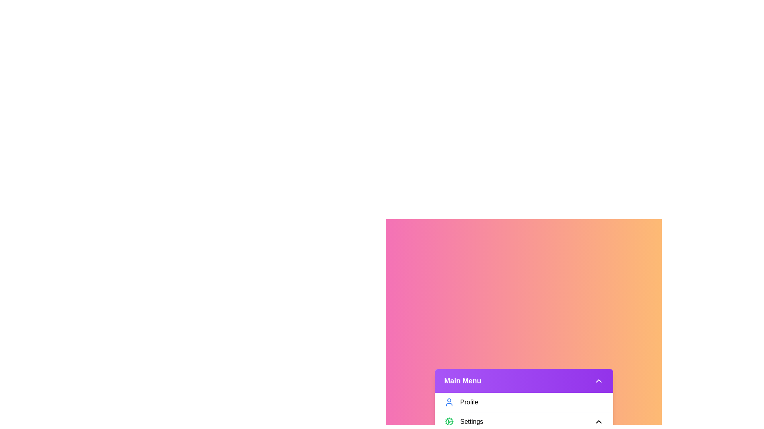 This screenshot has height=429, width=764. I want to click on the green cogwheel icon that is part of the 'Settings' option in the main menu dropdown, located to the left of the 'Settings' text label, so click(449, 421).